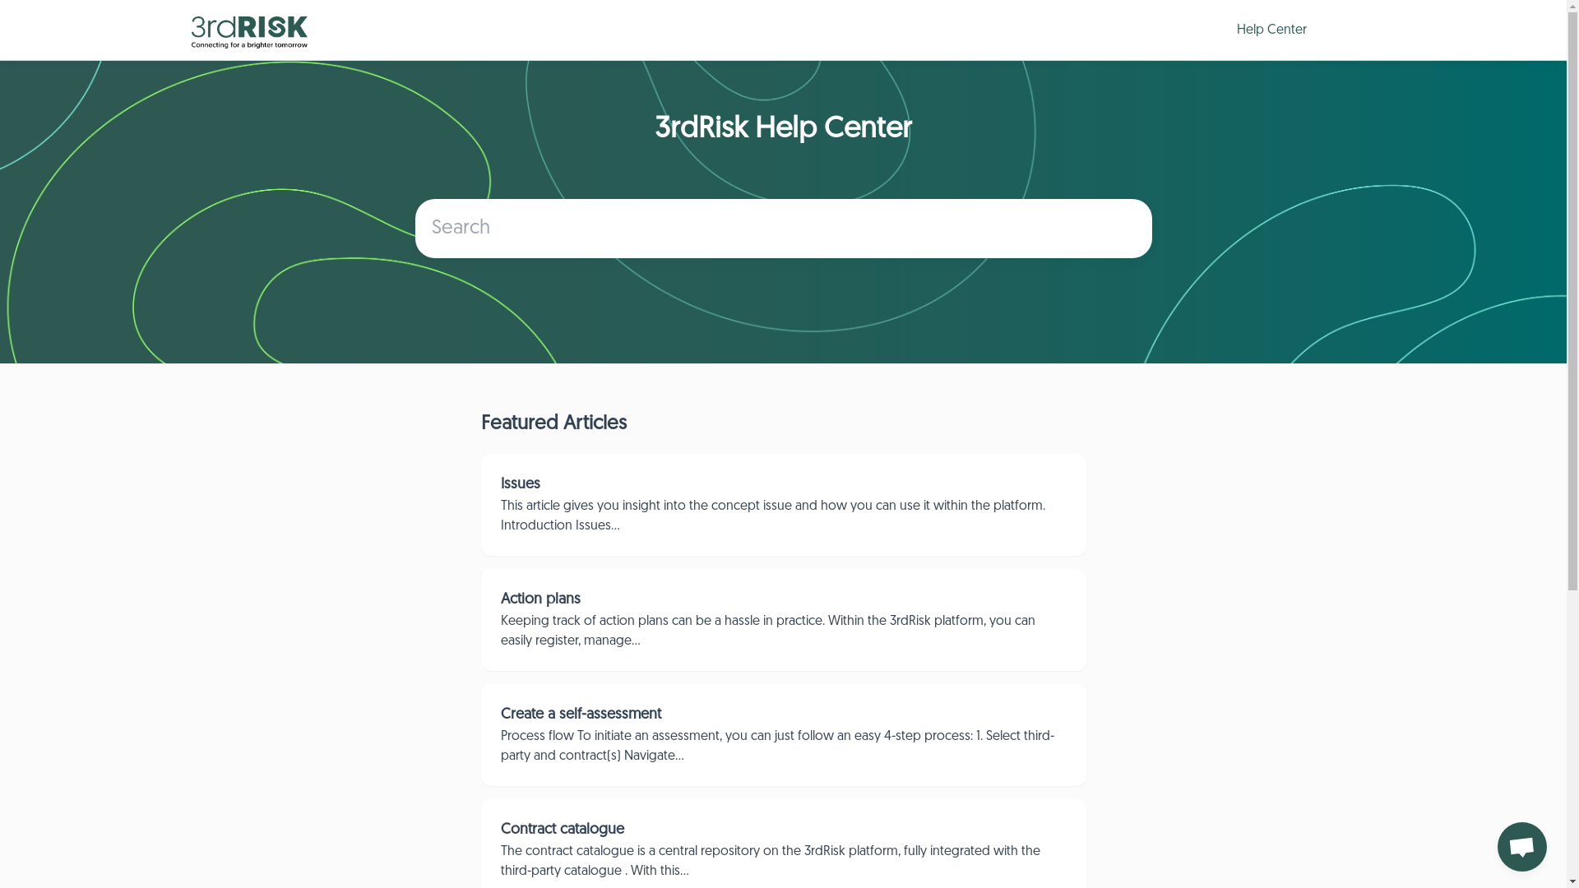  Describe the element at coordinates (1267, 30) in the screenshot. I see `'Help Center'` at that location.